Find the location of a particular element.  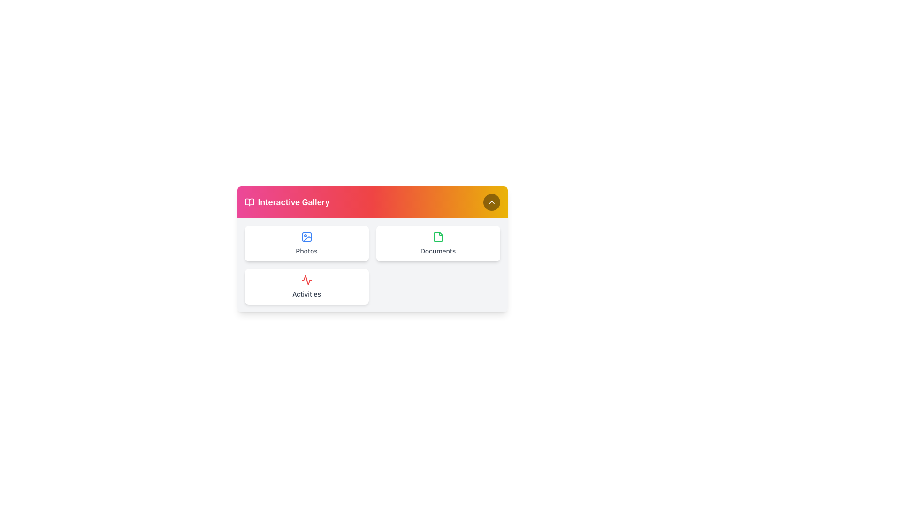

text label displaying 'Photos' located in the first card of the top row within the 'Interactive Gallery' section, which has a gray-colored font and is positioned below an image icon is located at coordinates (306, 251).